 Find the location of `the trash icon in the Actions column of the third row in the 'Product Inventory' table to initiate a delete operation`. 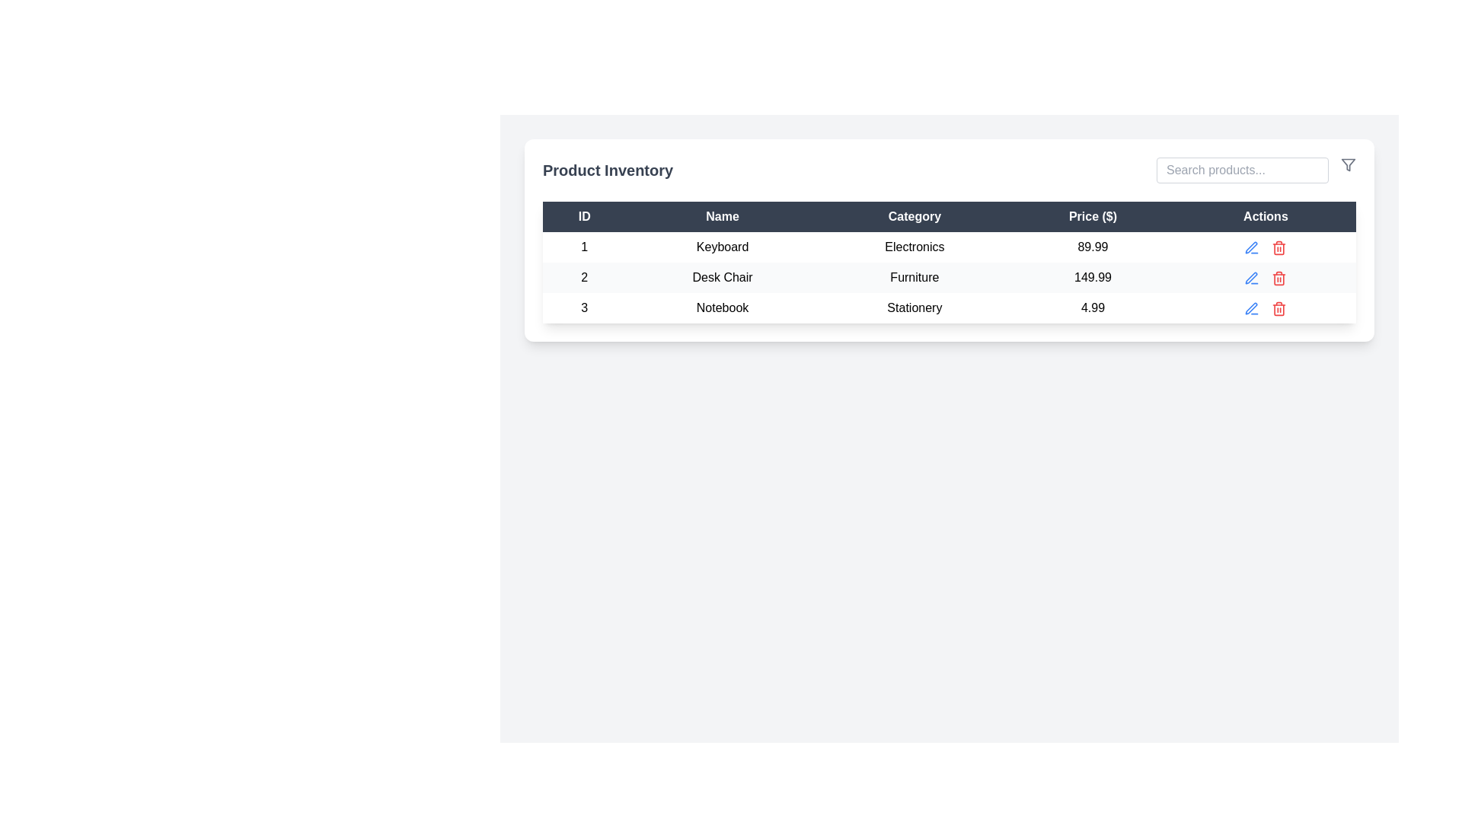

the trash icon in the Actions column of the third row in the 'Product Inventory' table to initiate a delete operation is located at coordinates (1279, 309).